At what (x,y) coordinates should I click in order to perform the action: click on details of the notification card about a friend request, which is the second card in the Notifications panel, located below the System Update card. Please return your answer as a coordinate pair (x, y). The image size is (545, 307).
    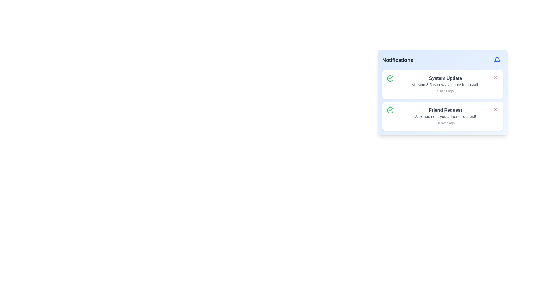
    Looking at the image, I should click on (442, 100).